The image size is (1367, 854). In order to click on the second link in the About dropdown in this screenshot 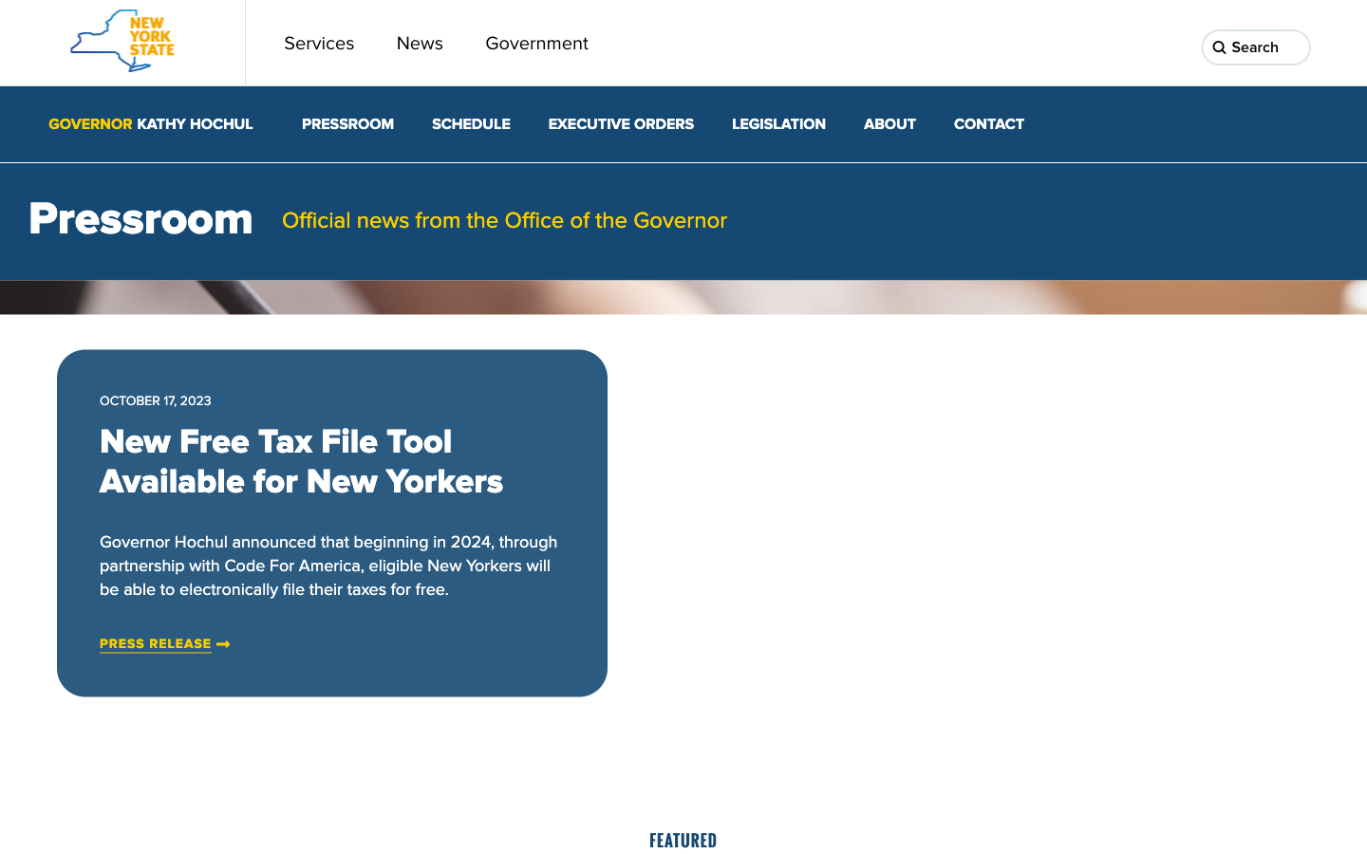, I will do `click(889, 124)`.